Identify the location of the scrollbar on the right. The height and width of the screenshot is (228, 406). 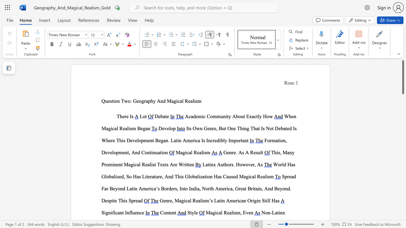
(403, 186).